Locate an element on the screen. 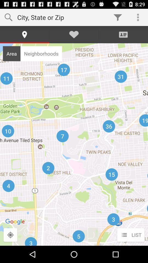  neighborhoods is located at coordinates (41, 53).